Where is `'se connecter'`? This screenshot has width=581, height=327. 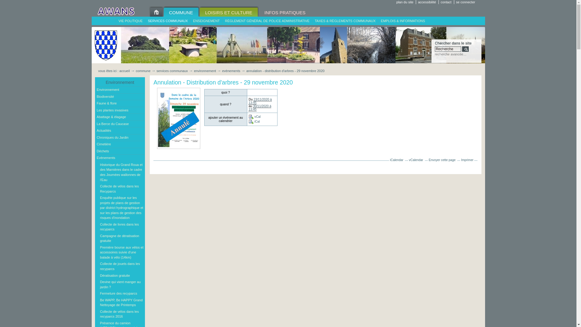
'se connecter' is located at coordinates (466, 2).